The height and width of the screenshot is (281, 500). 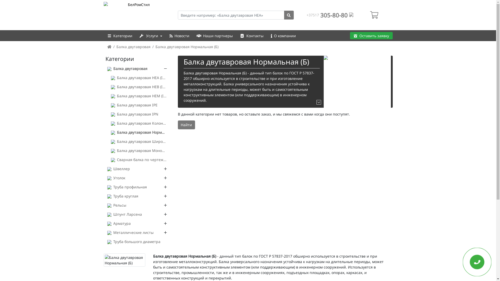 What do you see at coordinates (330, 15) in the screenshot?
I see `'+37517` at bounding box center [330, 15].